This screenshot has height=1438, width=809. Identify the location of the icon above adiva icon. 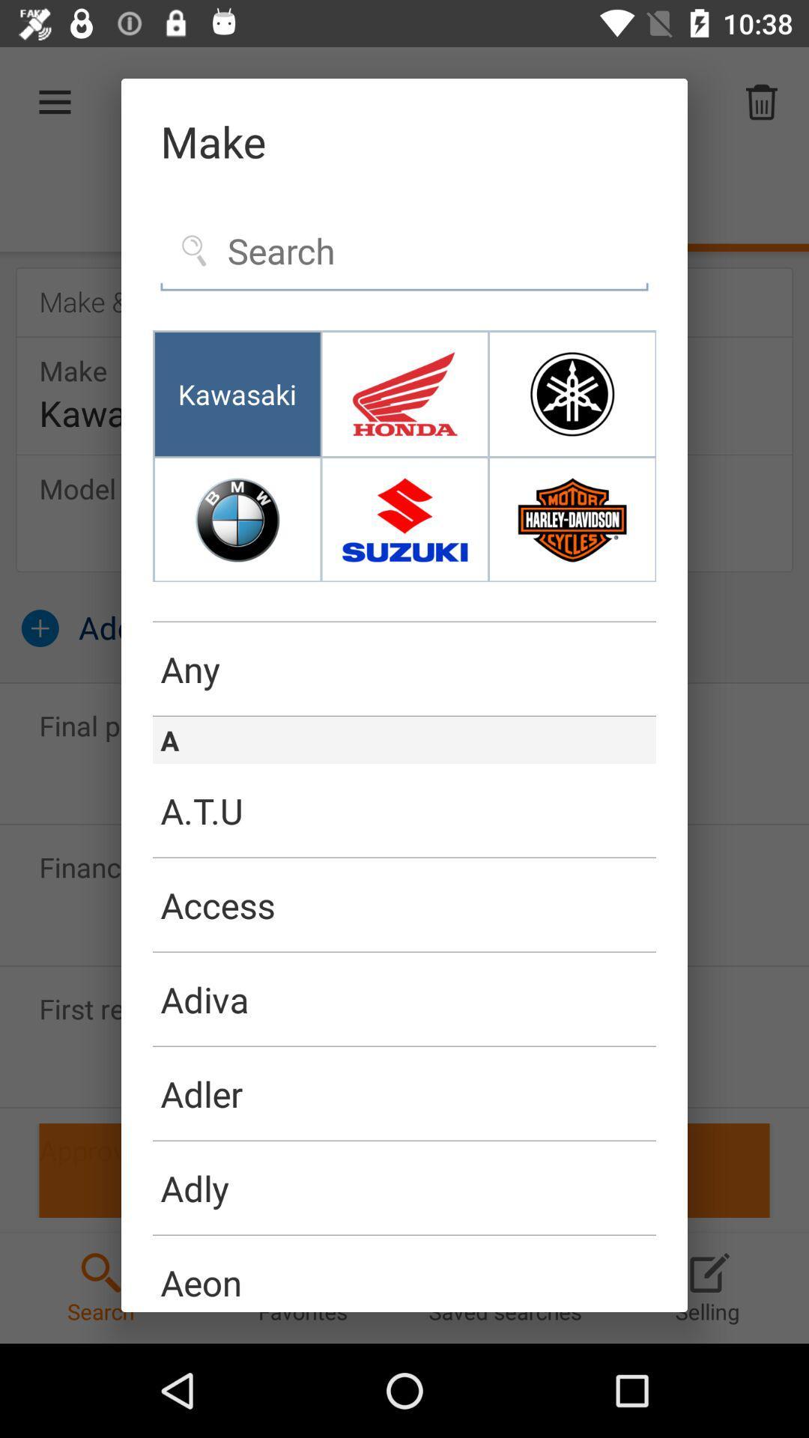
(404, 951).